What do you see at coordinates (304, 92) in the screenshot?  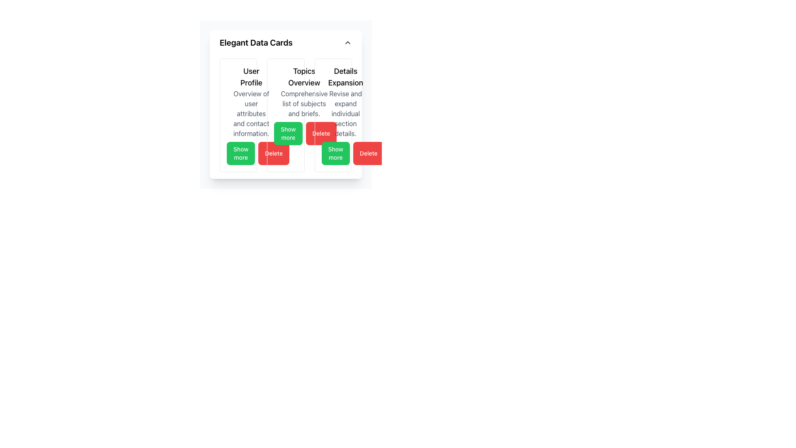 I see `the second card's text component that serves as a section header and description, summarizing the topics covered in this area for accessibility` at bounding box center [304, 92].